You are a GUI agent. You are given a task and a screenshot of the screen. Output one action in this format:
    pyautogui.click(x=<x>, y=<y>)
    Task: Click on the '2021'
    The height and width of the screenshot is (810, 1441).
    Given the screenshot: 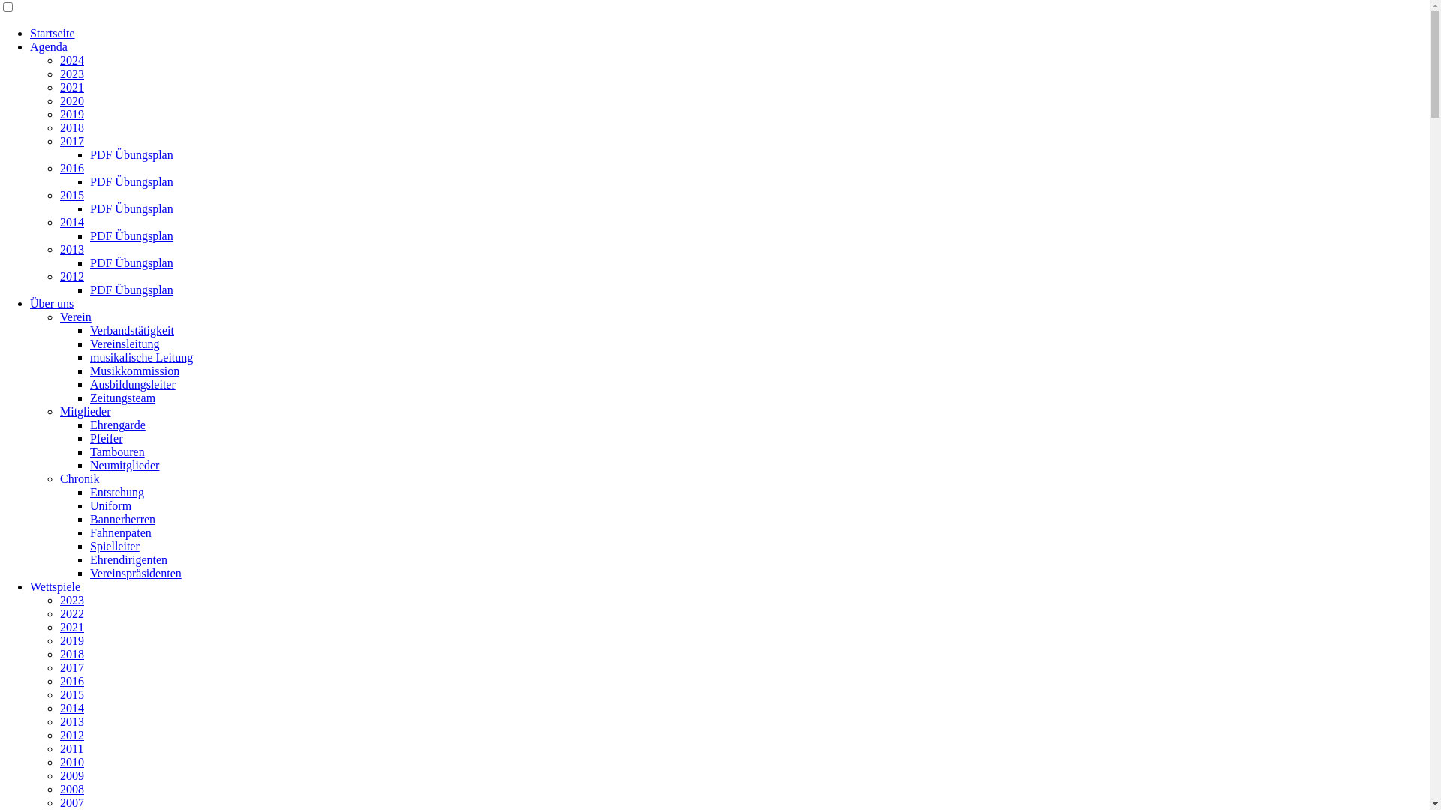 What is the action you would take?
    pyautogui.click(x=71, y=627)
    